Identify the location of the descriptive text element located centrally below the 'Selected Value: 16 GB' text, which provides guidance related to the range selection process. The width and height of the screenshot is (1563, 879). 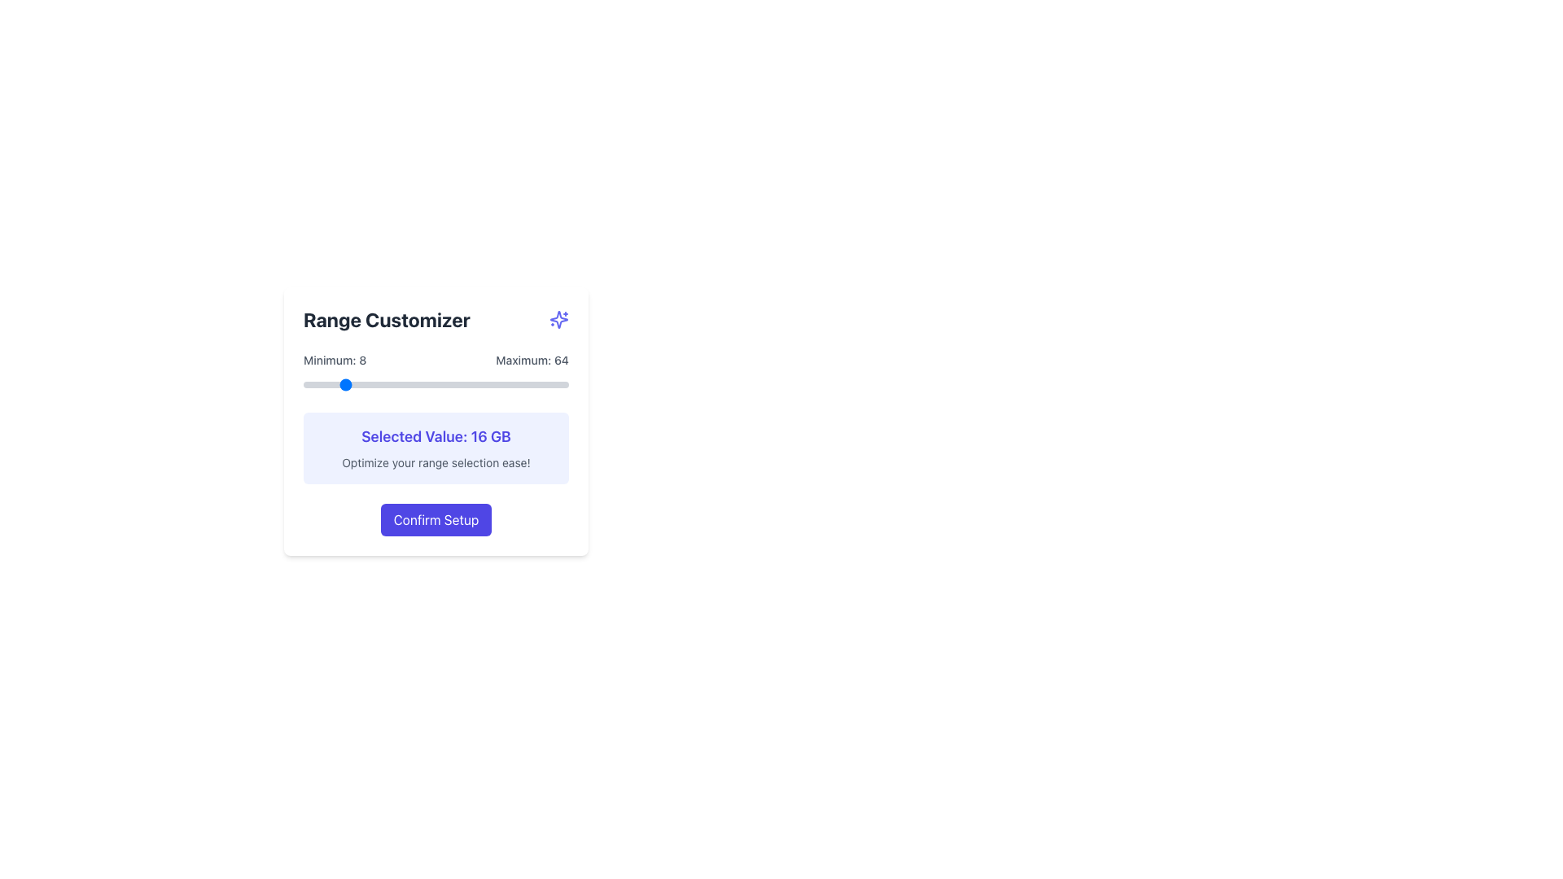
(436, 463).